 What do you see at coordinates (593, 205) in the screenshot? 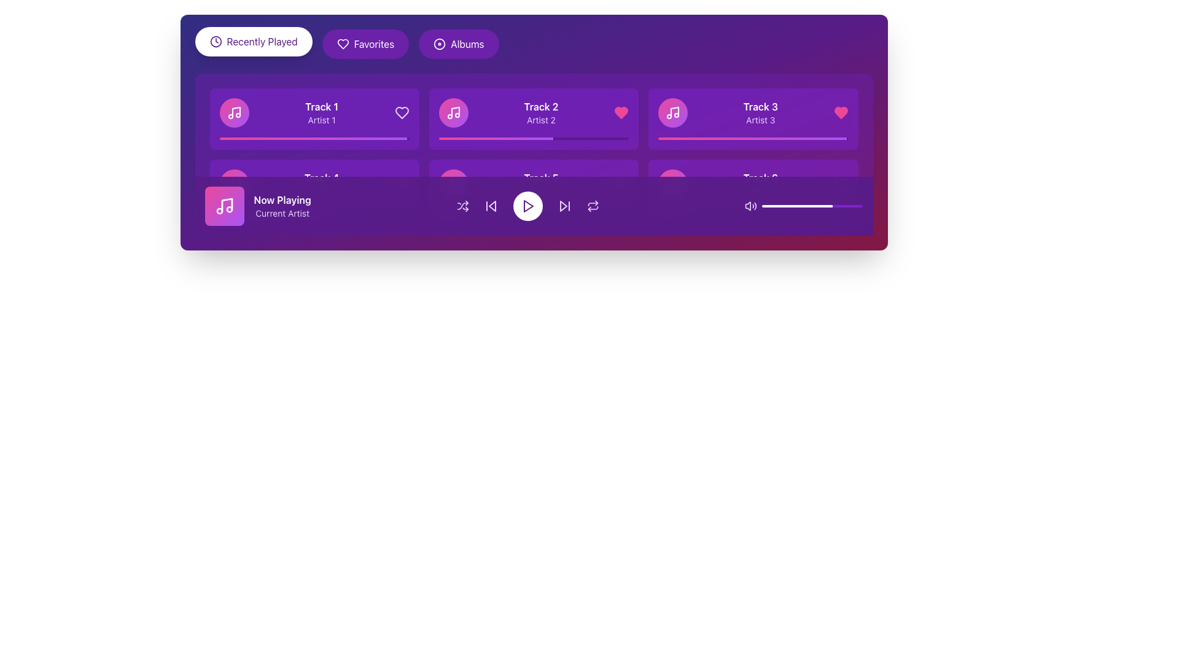
I see `the repeat toggle button in the bottom-center section of the music player interface` at bounding box center [593, 205].